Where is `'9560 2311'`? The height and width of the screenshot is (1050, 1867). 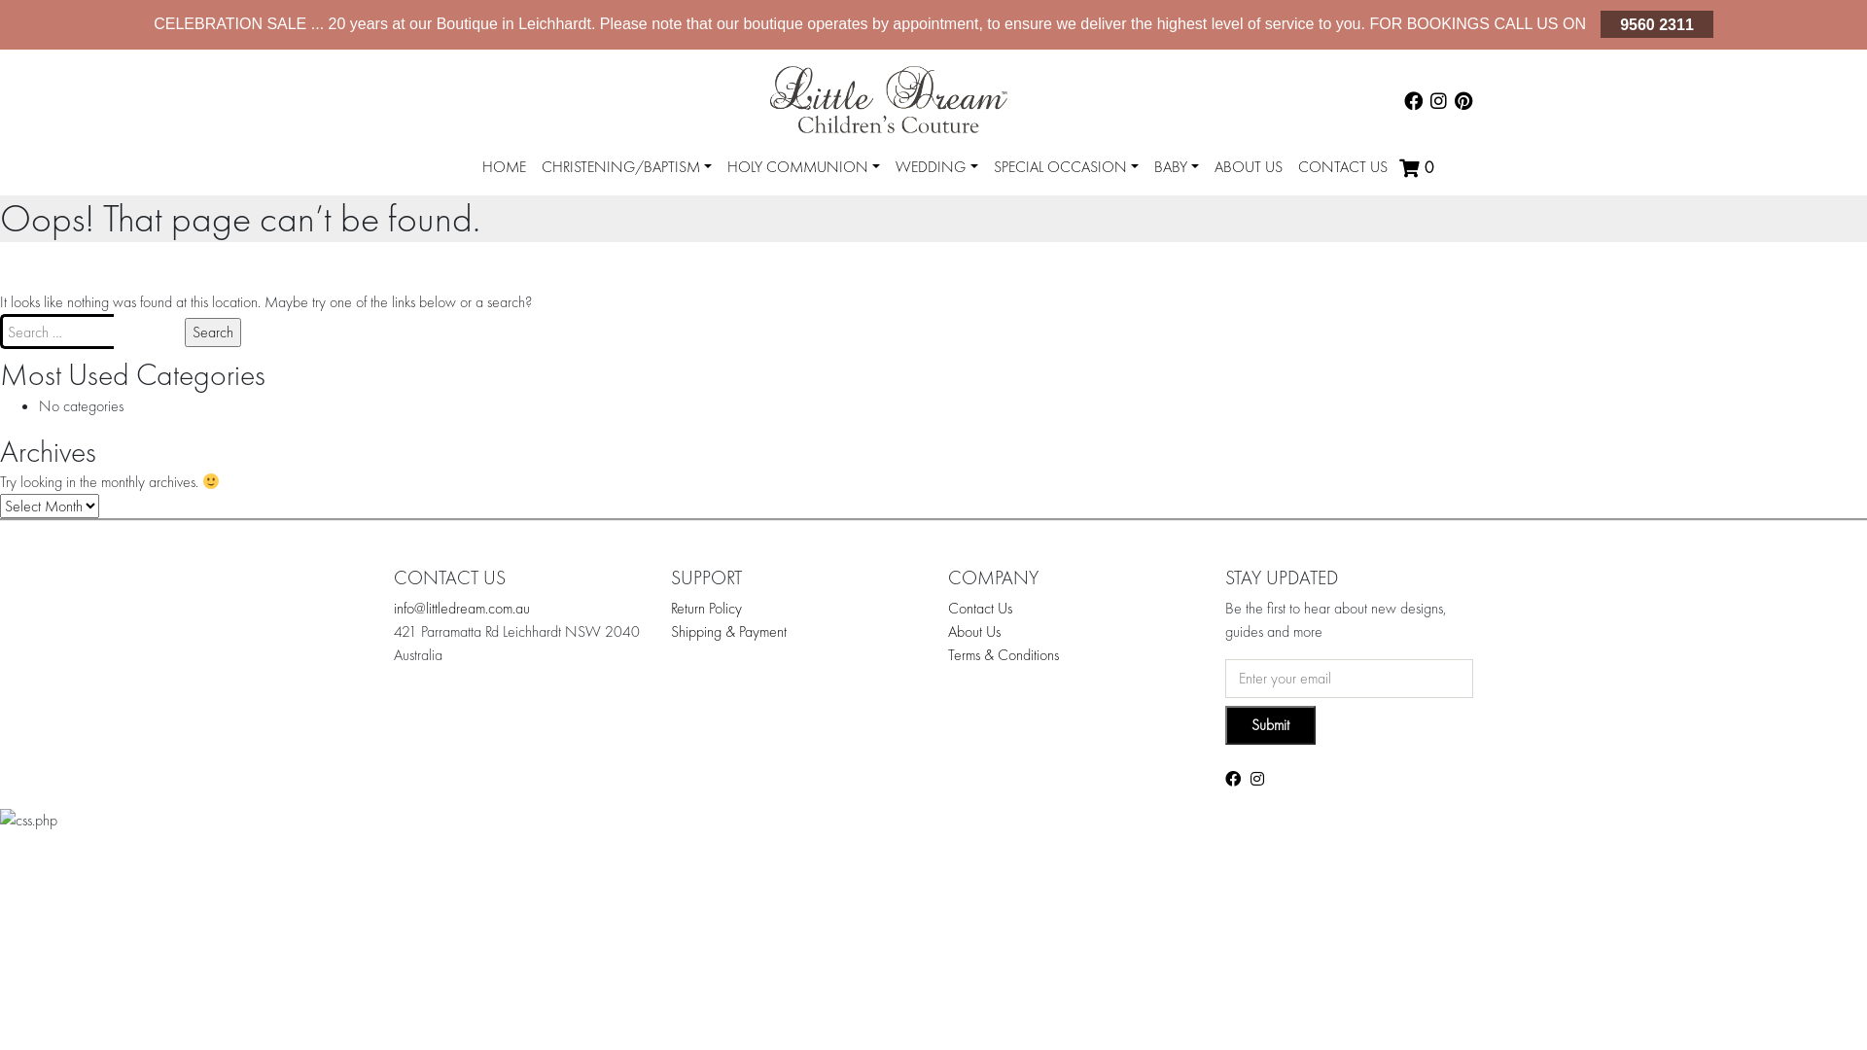
'9560 2311' is located at coordinates (1601, 23).